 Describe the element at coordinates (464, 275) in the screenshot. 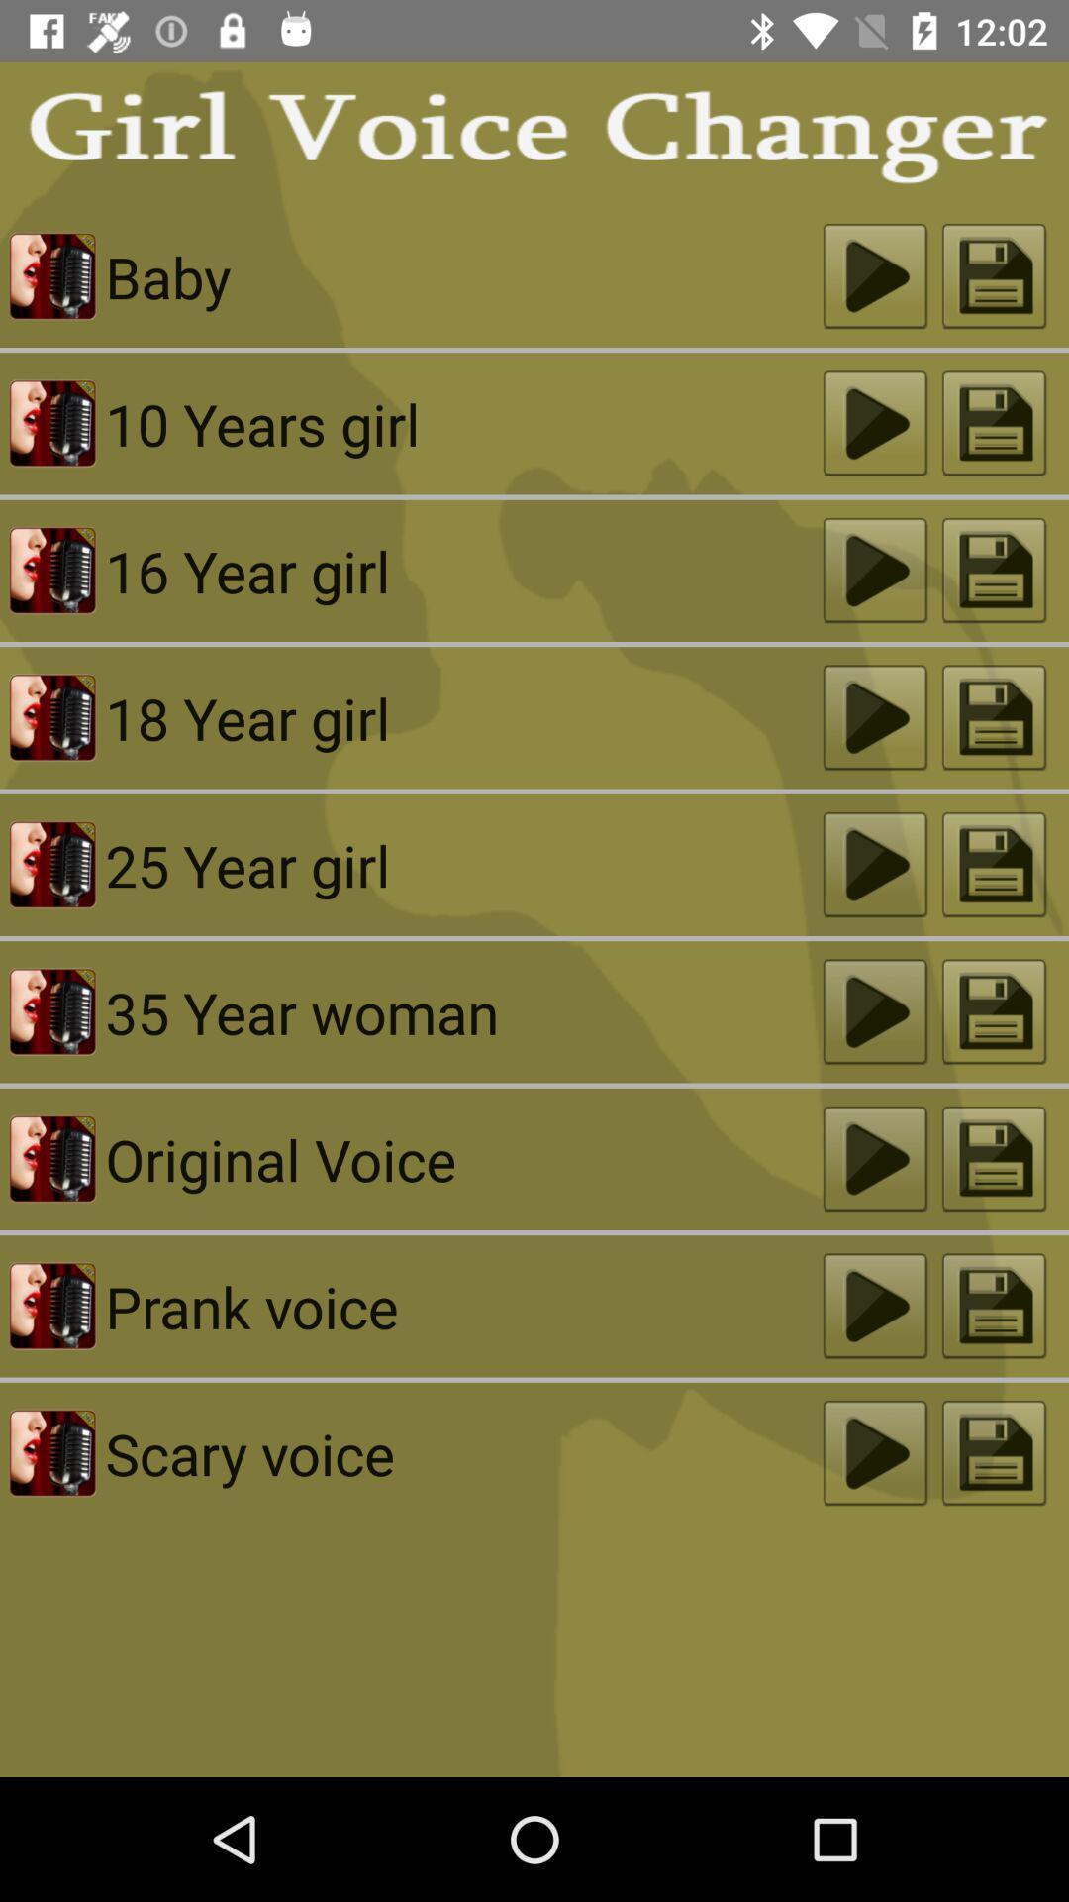

I see `the baby` at that location.